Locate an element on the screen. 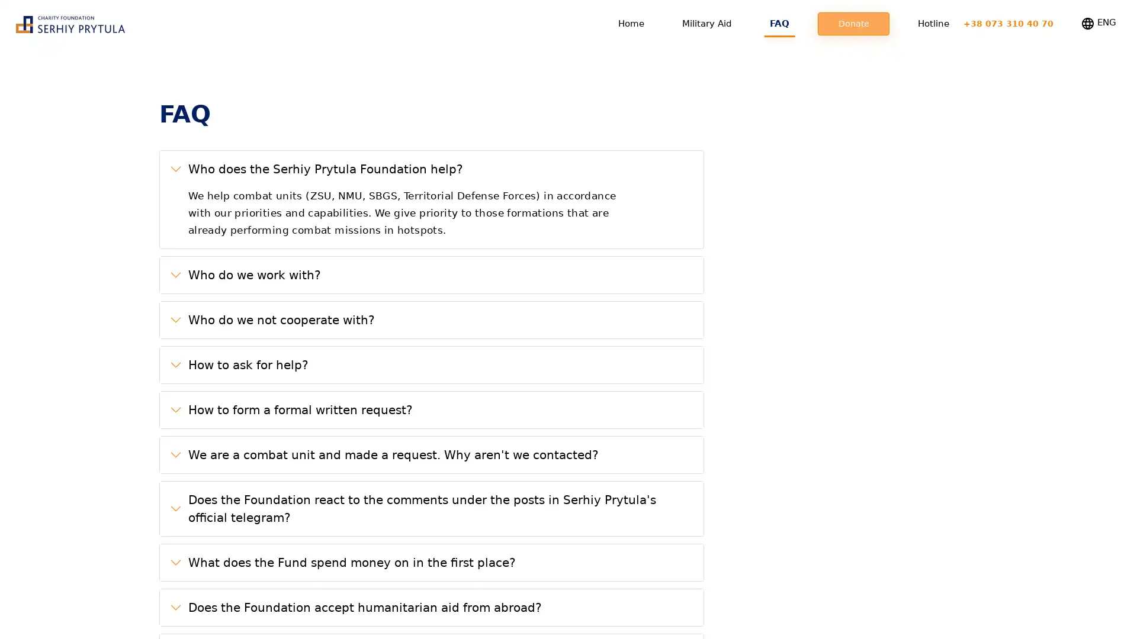 The height and width of the screenshot is (639, 1137). Does the Foundation accept humanitarian aid from abroad? is located at coordinates (431, 607).